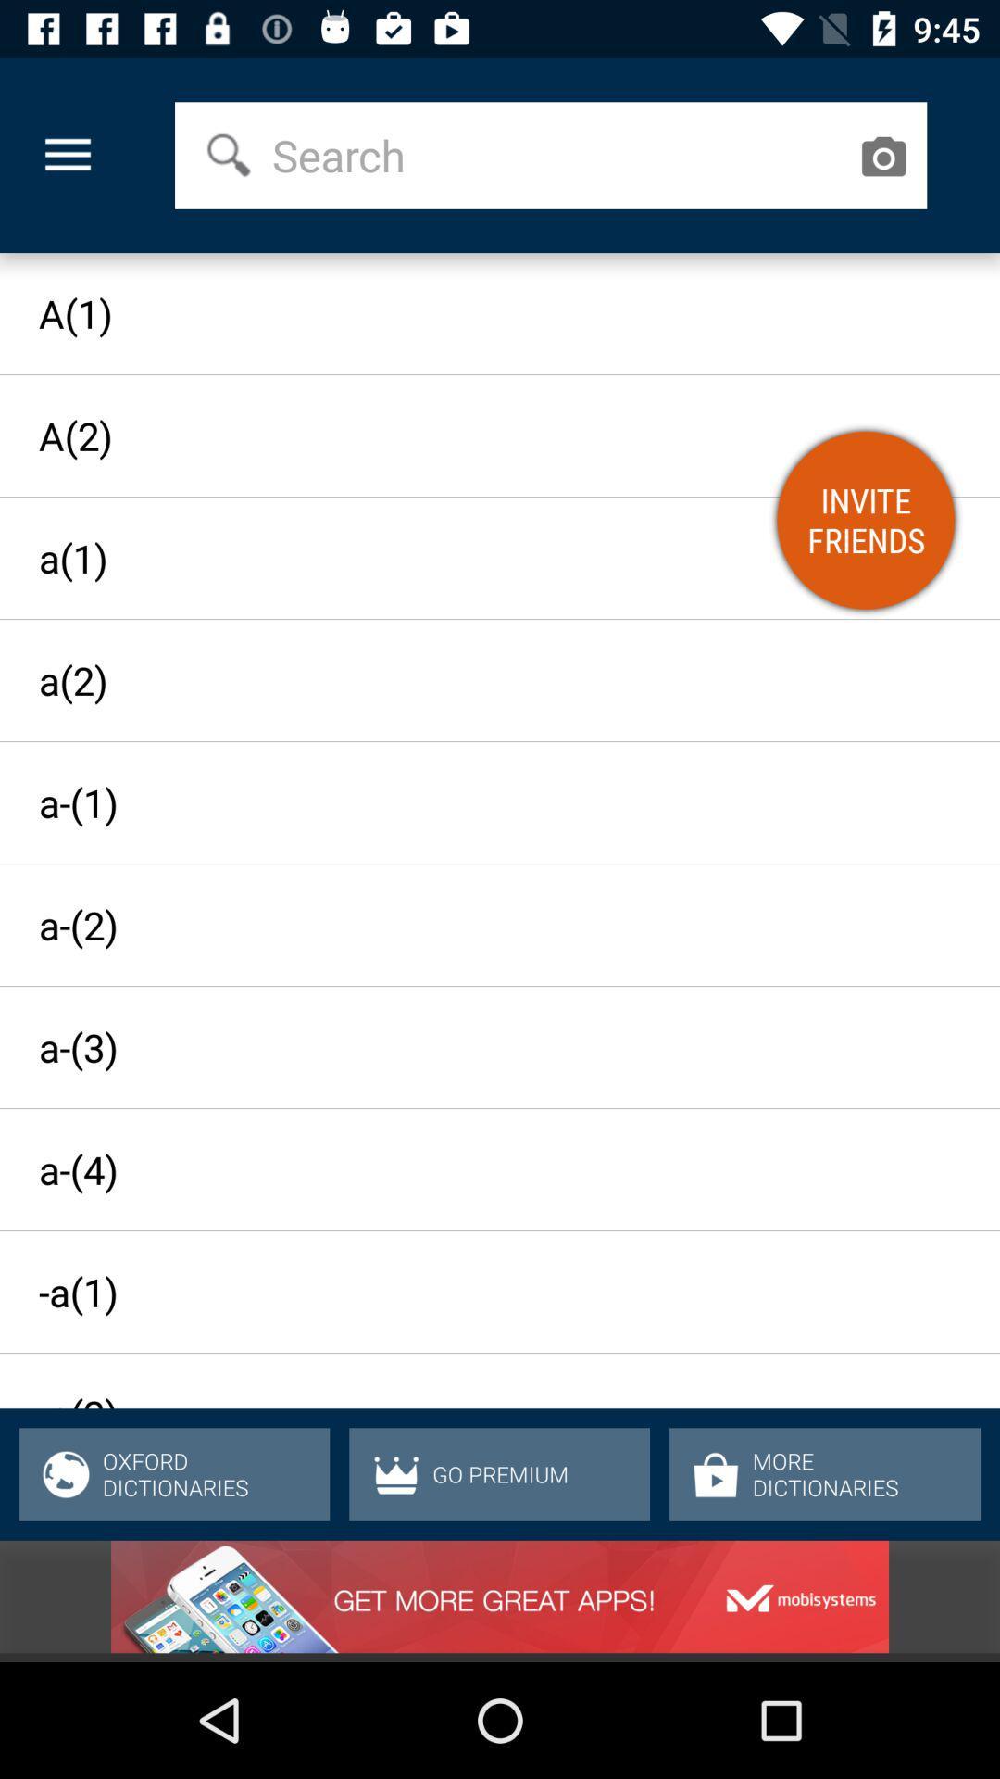 Image resolution: width=1000 pixels, height=1779 pixels. I want to click on the a-(3), so click(481, 1047).